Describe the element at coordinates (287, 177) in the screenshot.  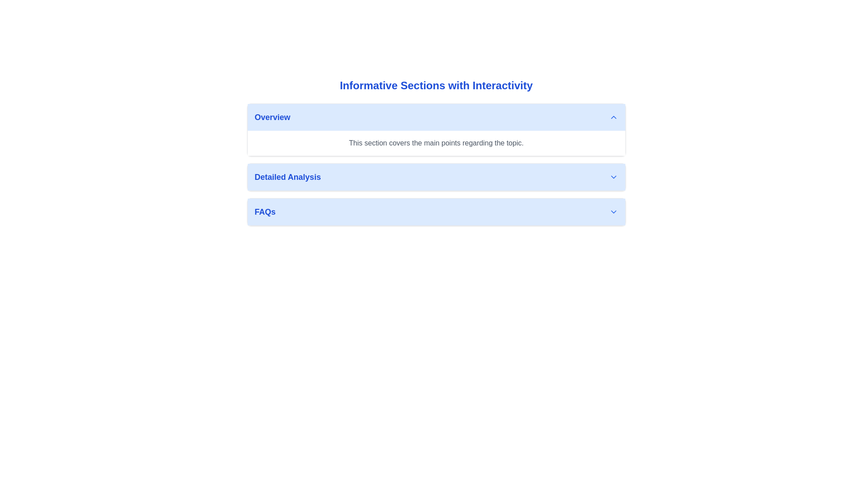
I see `the 'Detailed Analysis' text link` at that location.